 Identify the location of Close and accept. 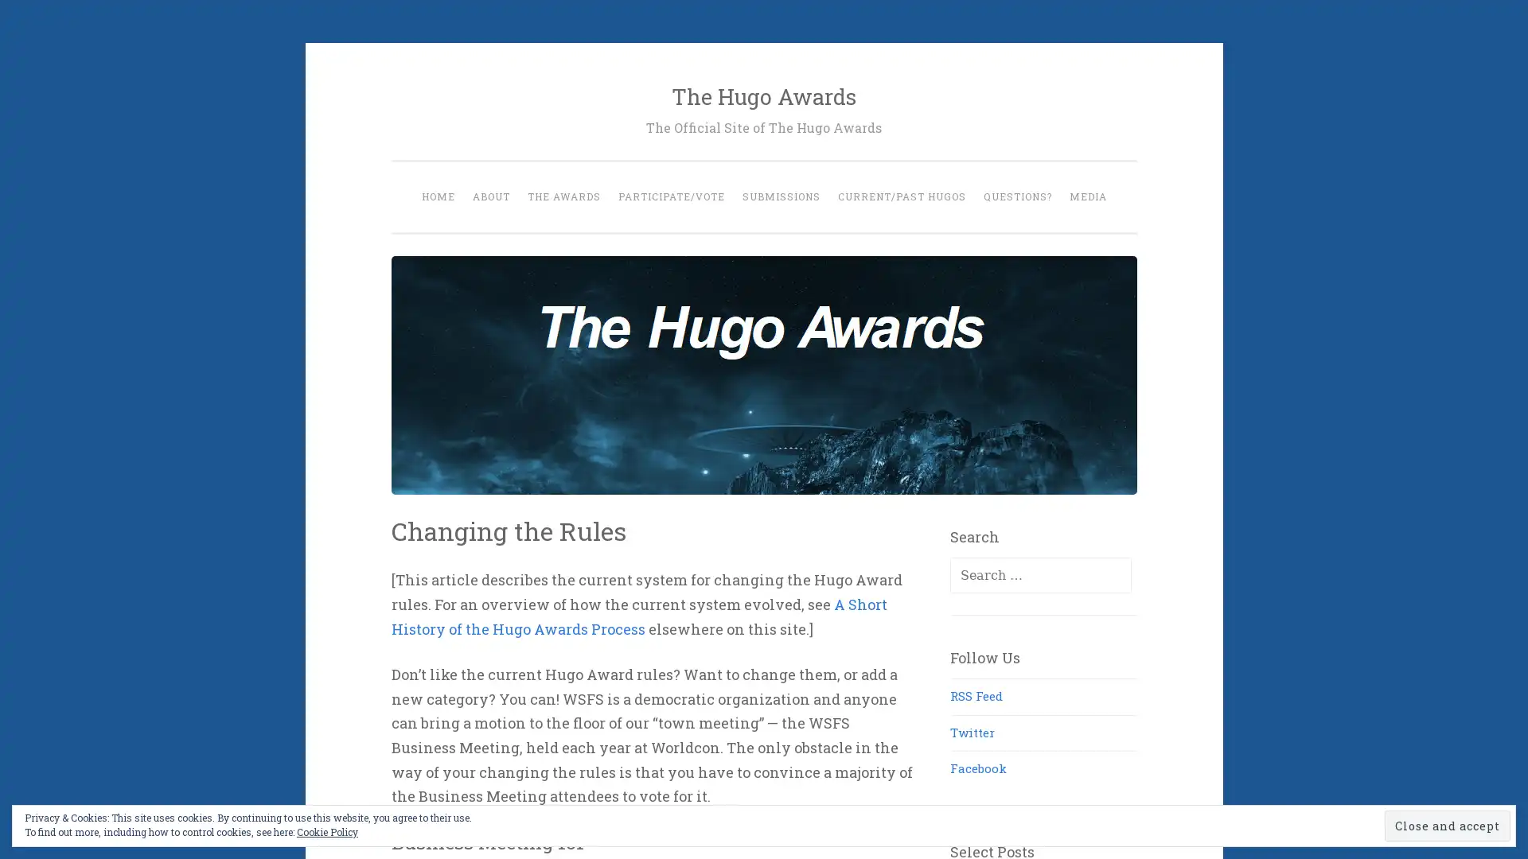
(1448, 825).